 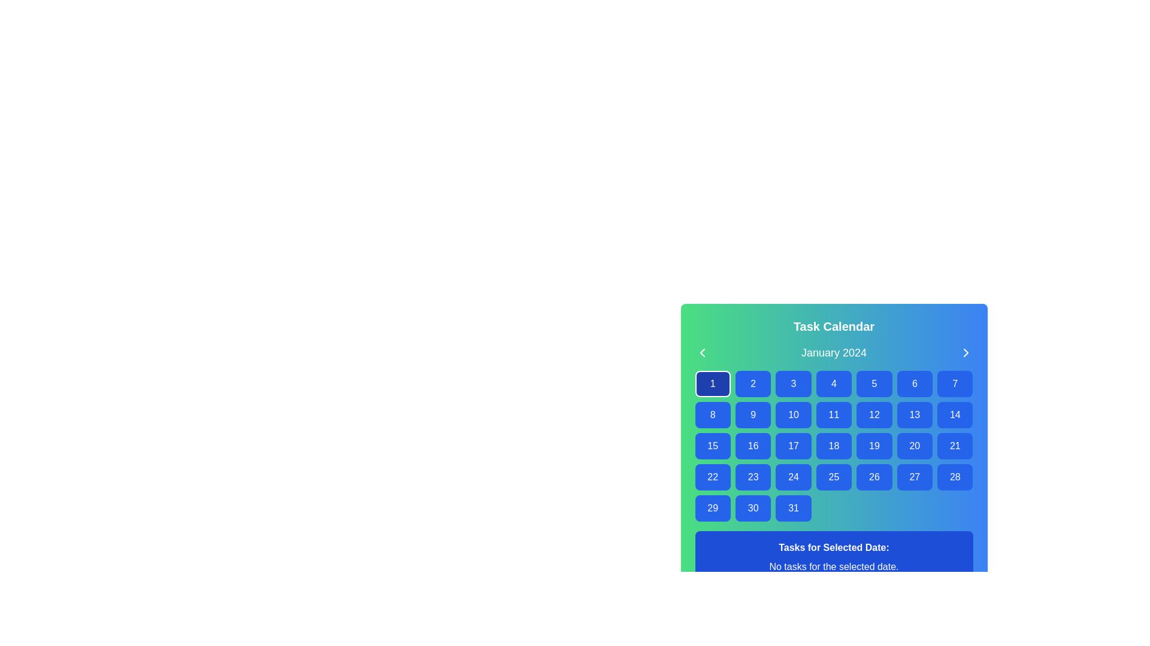 What do you see at coordinates (833, 327) in the screenshot?
I see `the static text header labeled 'Task Calendar', which is prominently displayed at the top of the panel with a large, bold font` at bounding box center [833, 327].